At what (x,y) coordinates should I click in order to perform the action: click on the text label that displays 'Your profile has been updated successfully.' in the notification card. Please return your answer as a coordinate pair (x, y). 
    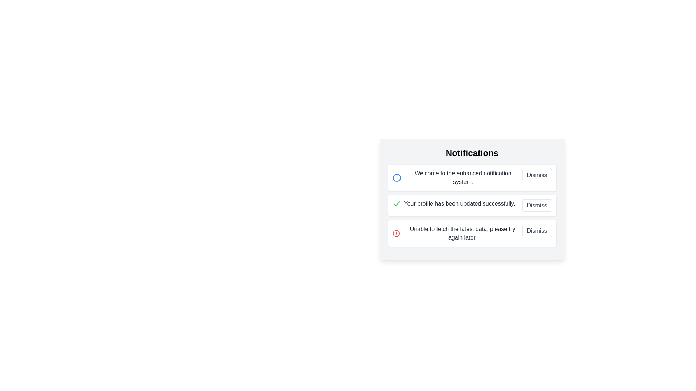
    Looking at the image, I should click on (459, 204).